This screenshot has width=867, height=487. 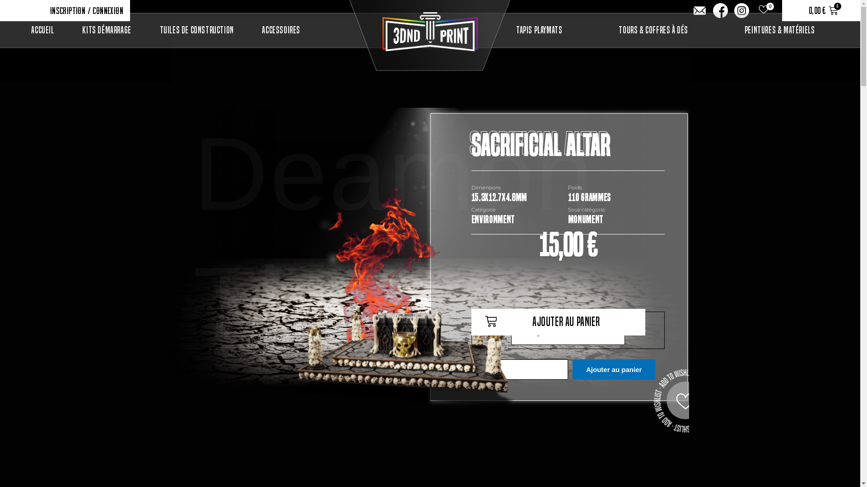 What do you see at coordinates (752, 9) in the screenshot?
I see `'0'` at bounding box center [752, 9].